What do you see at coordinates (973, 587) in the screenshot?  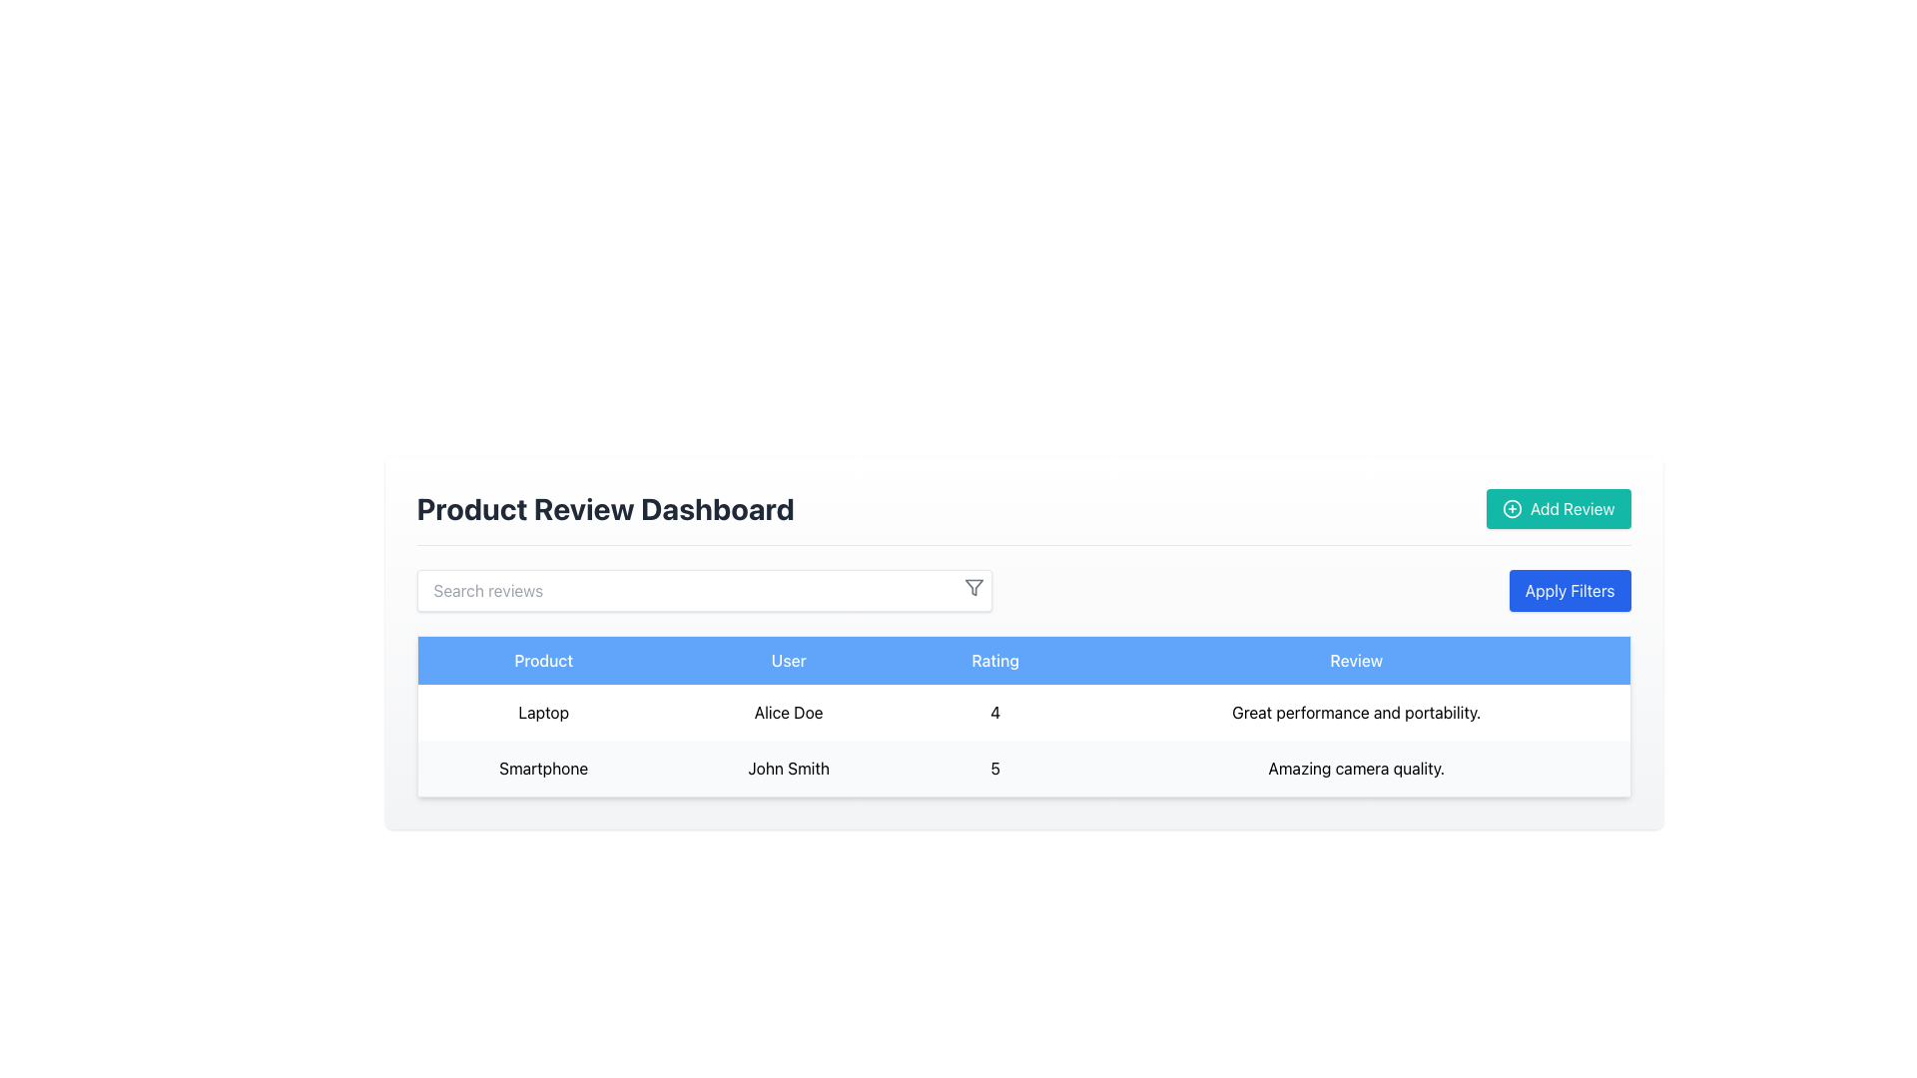 I see `the gray funnel filter icon located at the upper-right corner of the search bar` at bounding box center [973, 587].